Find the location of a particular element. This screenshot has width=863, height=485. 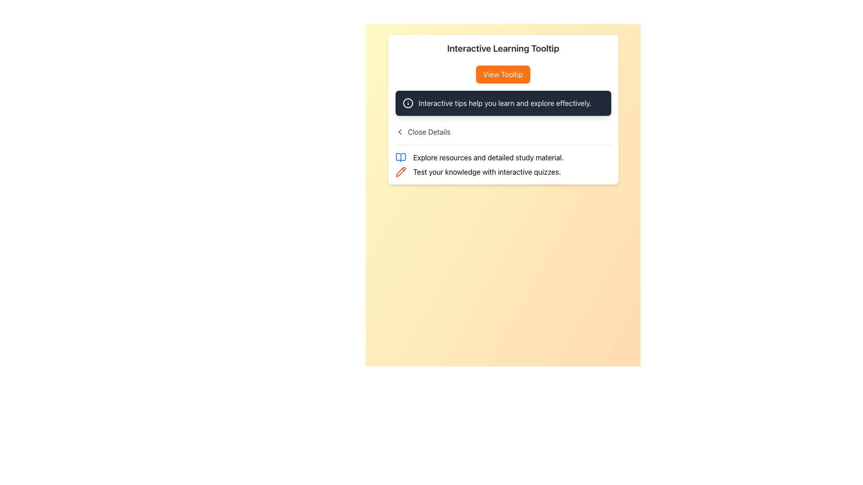

the central circle of the informational icon located to the left of the 'Interactive tips help you learn and explore effectively.' text is located at coordinates (407, 103).